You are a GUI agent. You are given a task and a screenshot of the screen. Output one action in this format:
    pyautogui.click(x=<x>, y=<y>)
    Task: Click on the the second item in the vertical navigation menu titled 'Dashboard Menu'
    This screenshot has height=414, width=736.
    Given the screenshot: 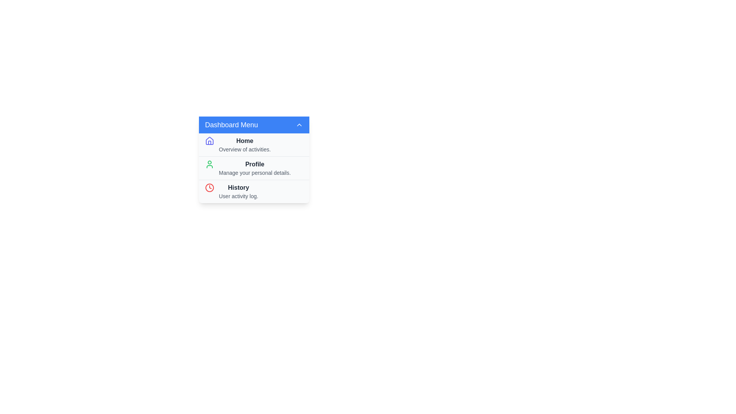 What is the action you would take?
    pyautogui.click(x=254, y=168)
    